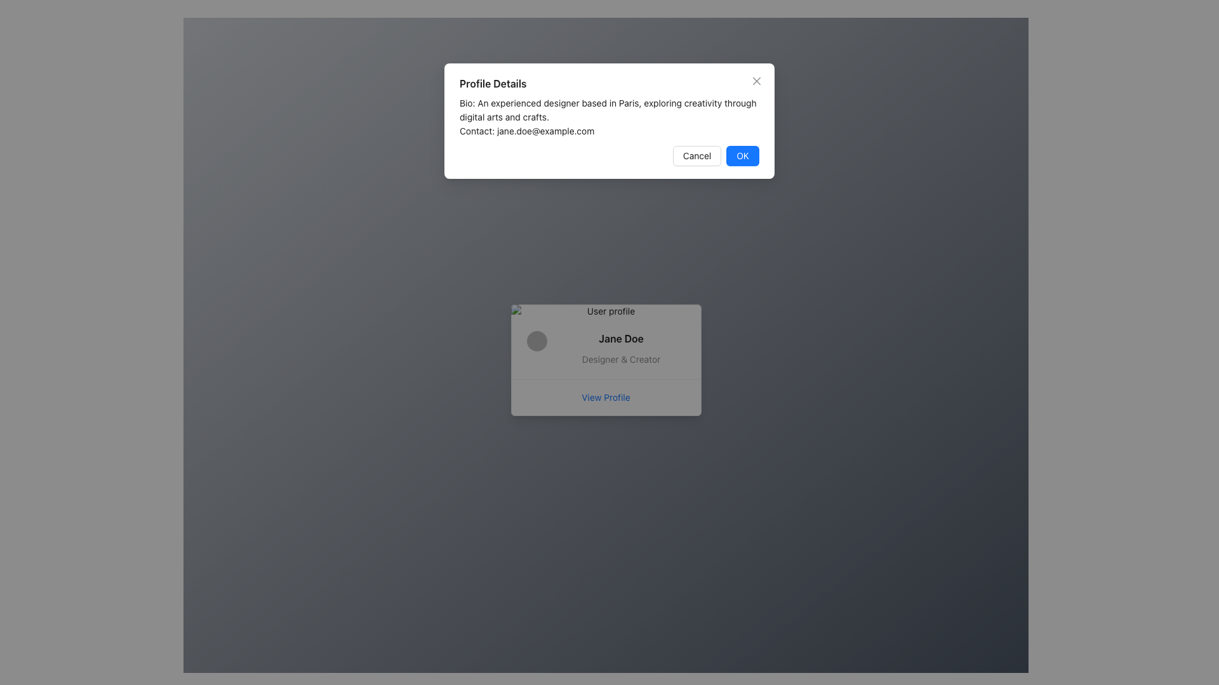 Image resolution: width=1219 pixels, height=685 pixels. I want to click on the 'View Profile' button, which is a horizontal textual button styled in blue text located at the bottom edge of the user information card, so click(605, 396).